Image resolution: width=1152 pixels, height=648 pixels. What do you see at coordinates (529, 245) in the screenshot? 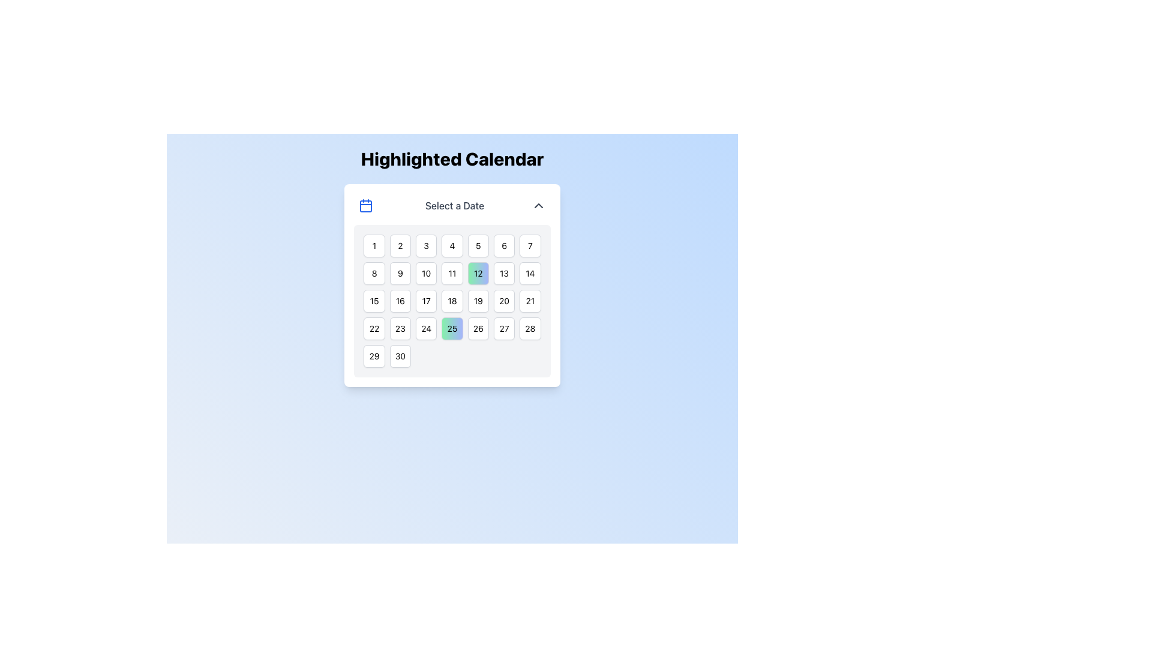
I see `the calendar date button labeled '7'` at bounding box center [529, 245].